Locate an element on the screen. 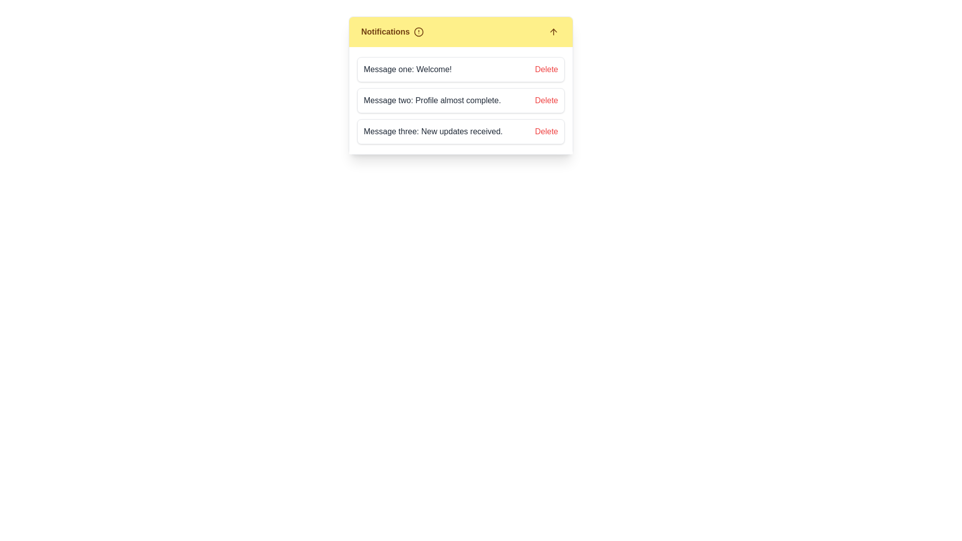 This screenshot has height=541, width=962. the static text label displaying 'Message three: New updates received.' in the notification panel, which is the third item in the list is located at coordinates (435, 131).